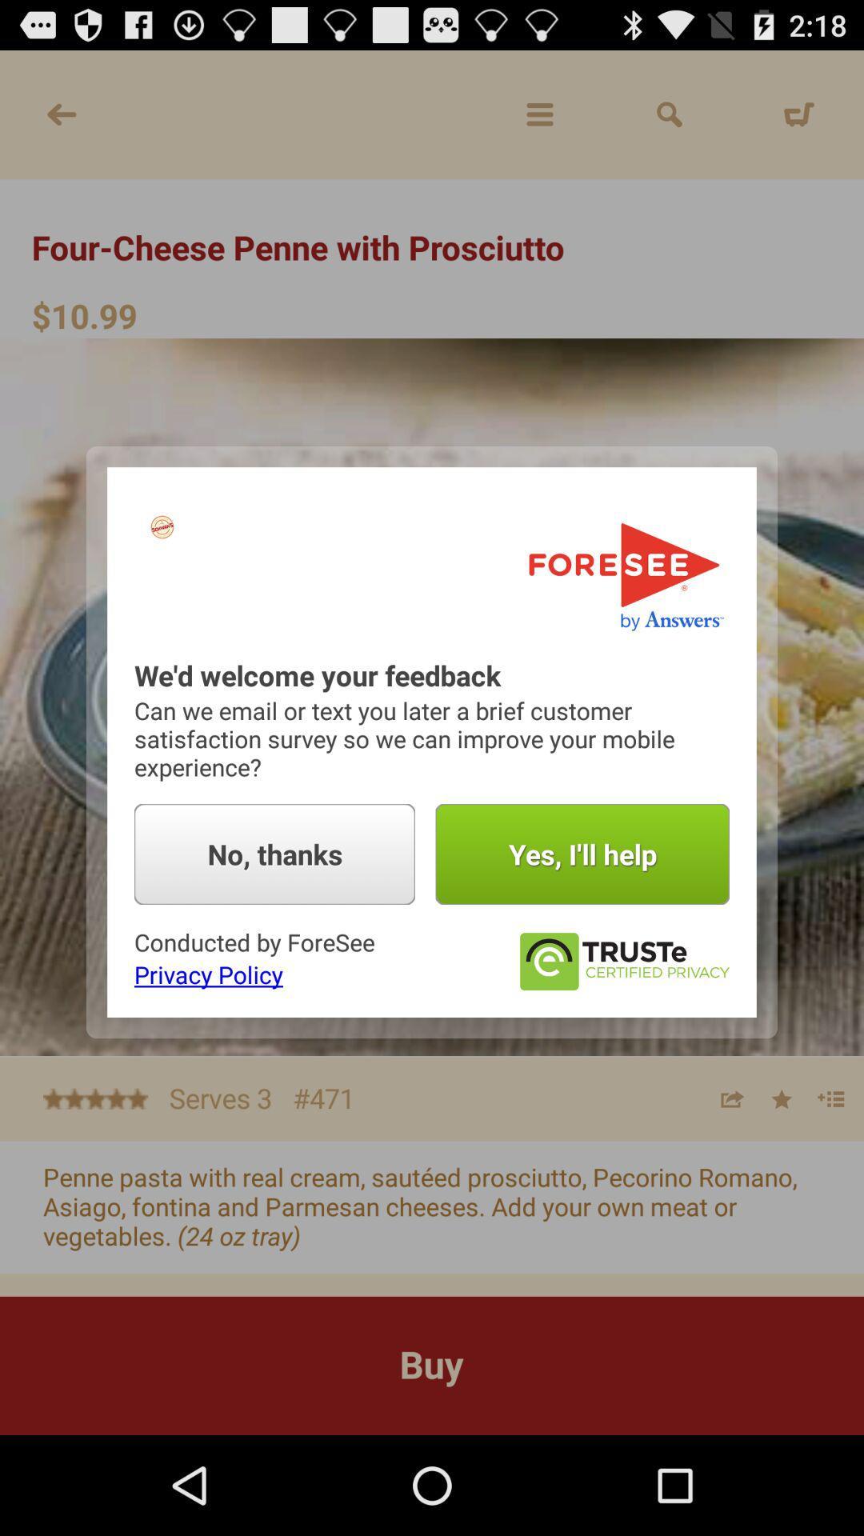 Image resolution: width=864 pixels, height=1536 pixels. I want to click on it certifies to me thats its trusted quality, so click(622, 961).